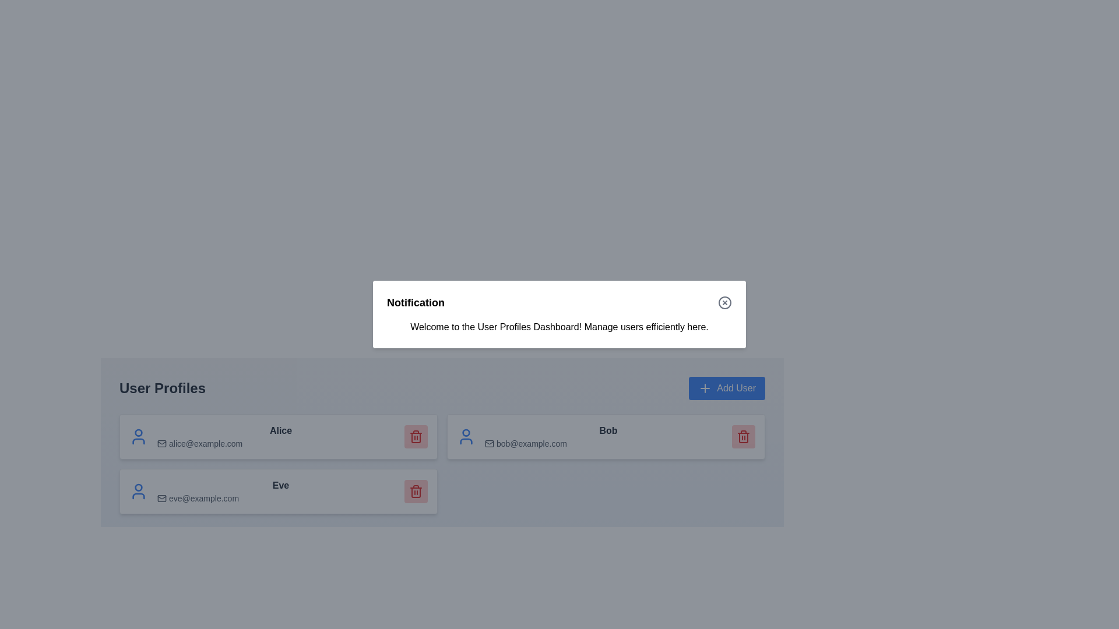 This screenshot has width=1119, height=629. What do you see at coordinates (139, 436) in the screenshot?
I see `the circular user icon with a blue outline, located to the left of the text 'Alice' and 'alice@example.com'` at bounding box center [139, 436].